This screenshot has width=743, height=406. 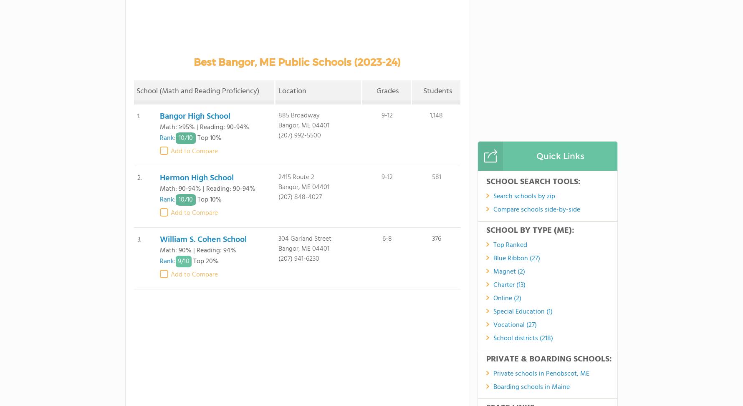 What do you see at coordinates (428, 368) in the screenshot?
I see `'Public School Guide'` at bounding box center [428, 368].